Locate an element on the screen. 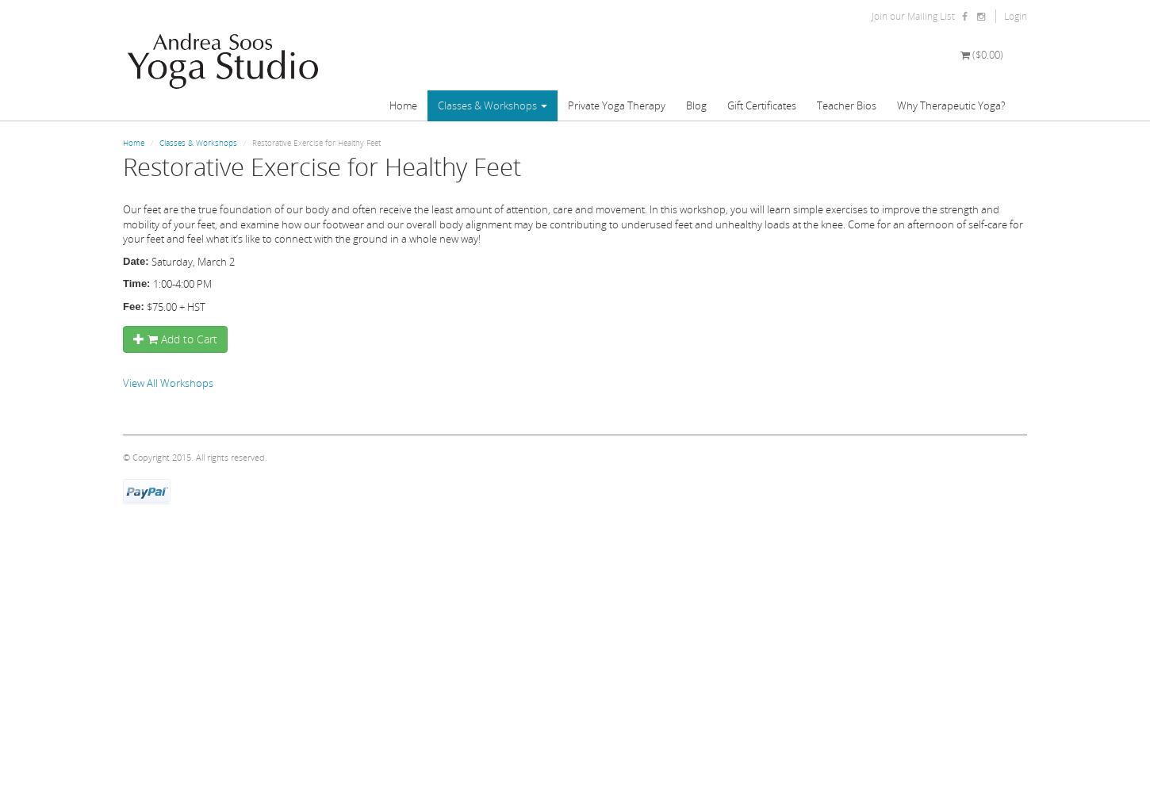  '-' is located at coordinates (124, 16).